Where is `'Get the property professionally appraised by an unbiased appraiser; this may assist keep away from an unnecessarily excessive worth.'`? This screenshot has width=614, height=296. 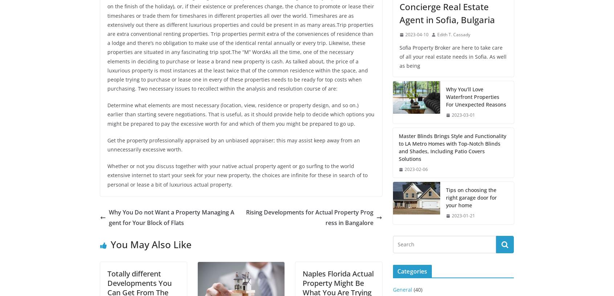 'Get the property professionally appraised by an unbiased appraiser; this may assist keep away from an unnecessarily excessive worth.' is located at coordinates (233, 144).